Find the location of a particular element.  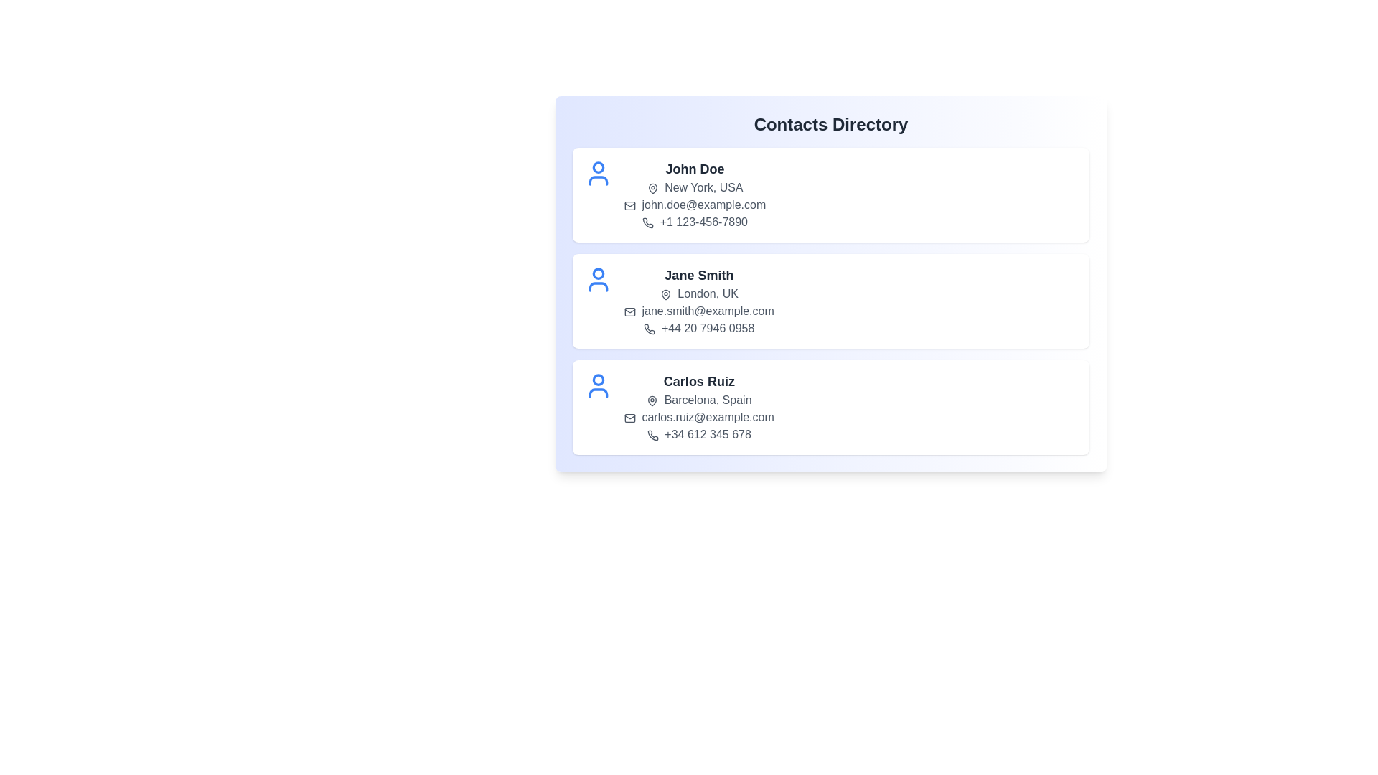

the phone icon for the contact Jane Smith is located at coordinates (649, 329).